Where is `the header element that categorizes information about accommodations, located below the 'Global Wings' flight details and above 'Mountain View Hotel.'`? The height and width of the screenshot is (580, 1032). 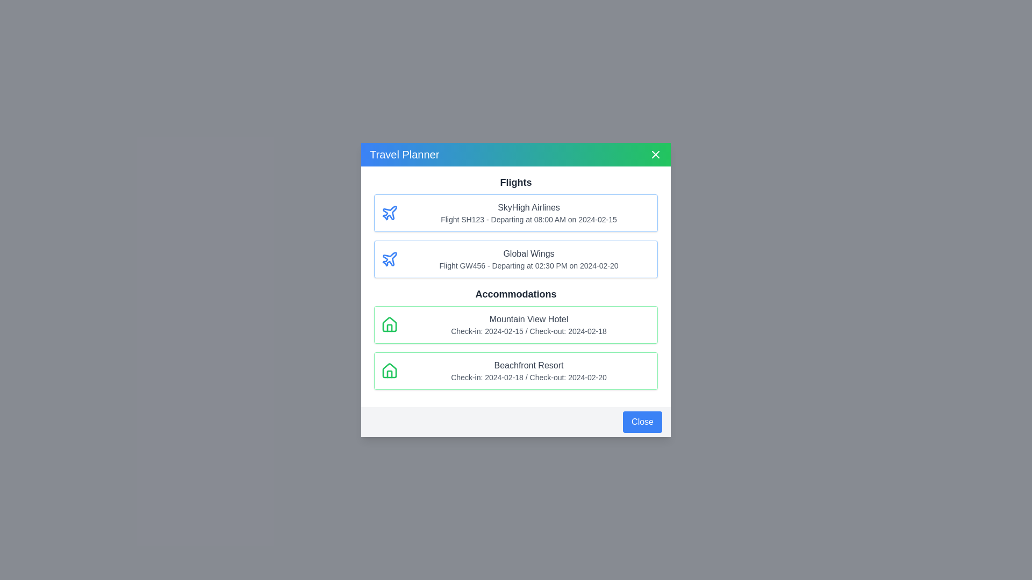
the header element that categorizes information about accommodations, located below the 'Global Wings' flight details and above 'Mountain View Hotel.' is located at coordinates (516, 294).